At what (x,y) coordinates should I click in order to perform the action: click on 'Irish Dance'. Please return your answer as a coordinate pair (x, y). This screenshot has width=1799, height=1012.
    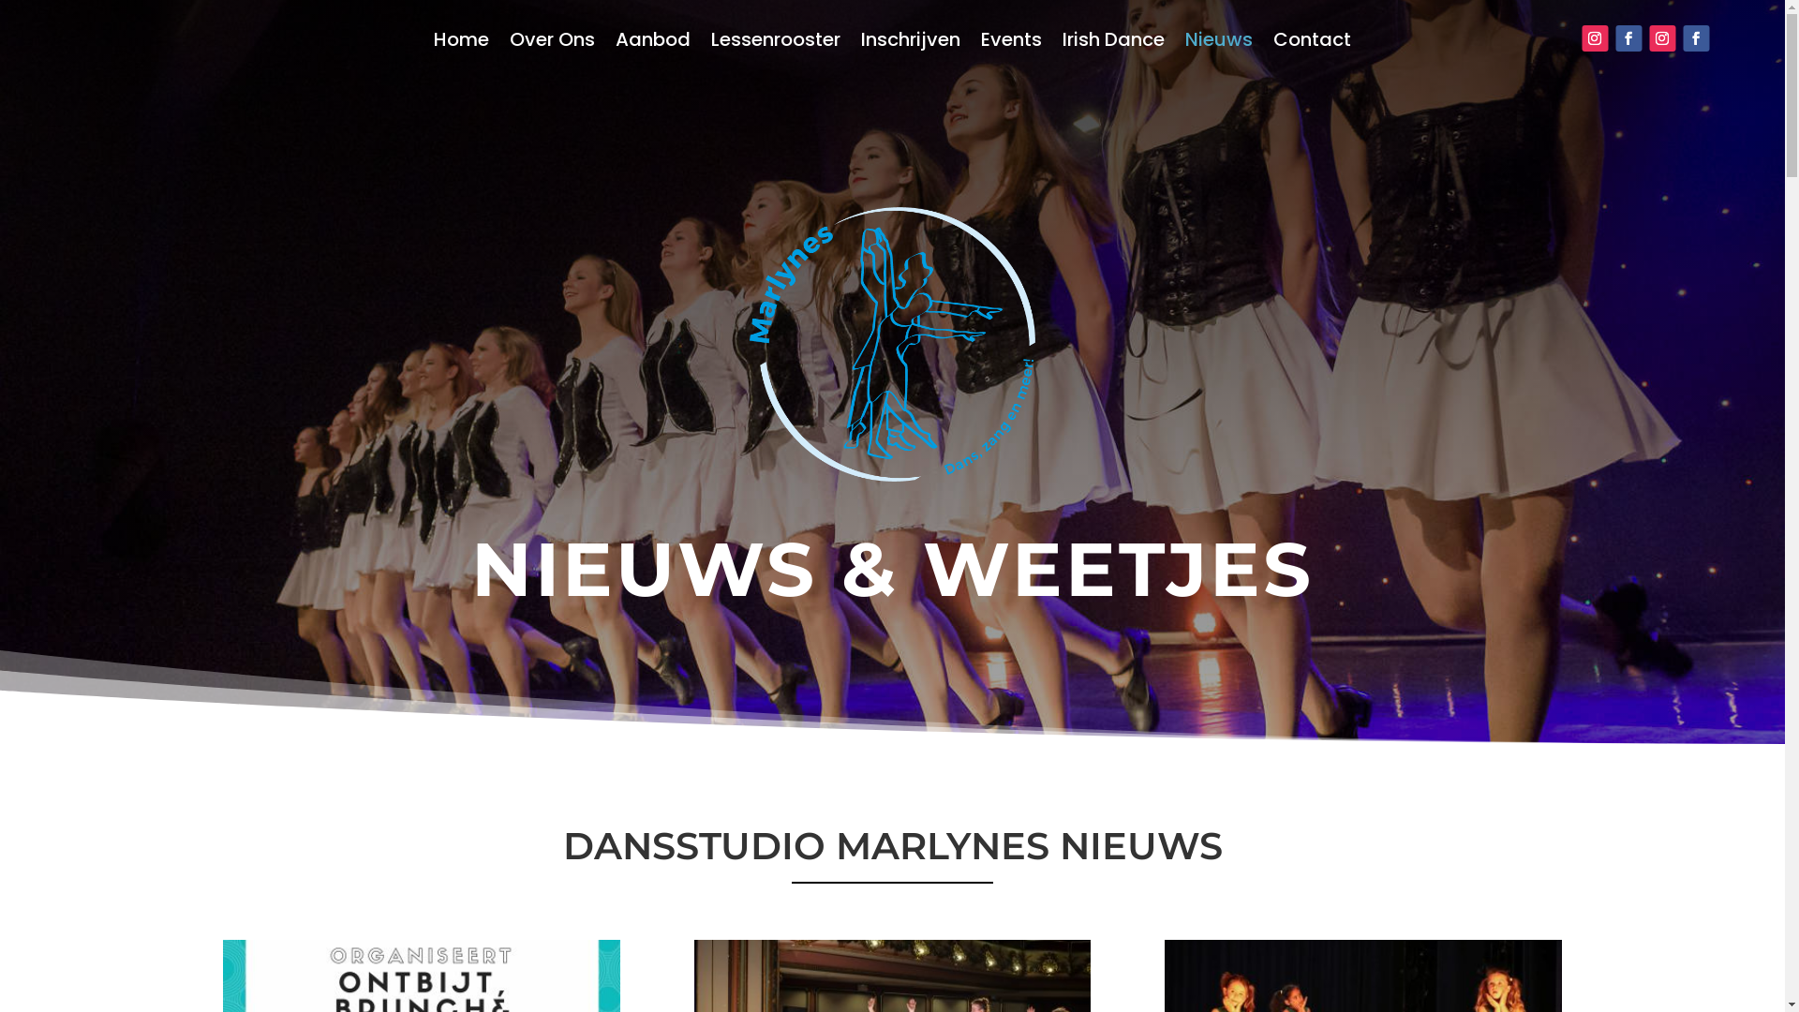
    Looking at the image, I should click on (1062, 42).